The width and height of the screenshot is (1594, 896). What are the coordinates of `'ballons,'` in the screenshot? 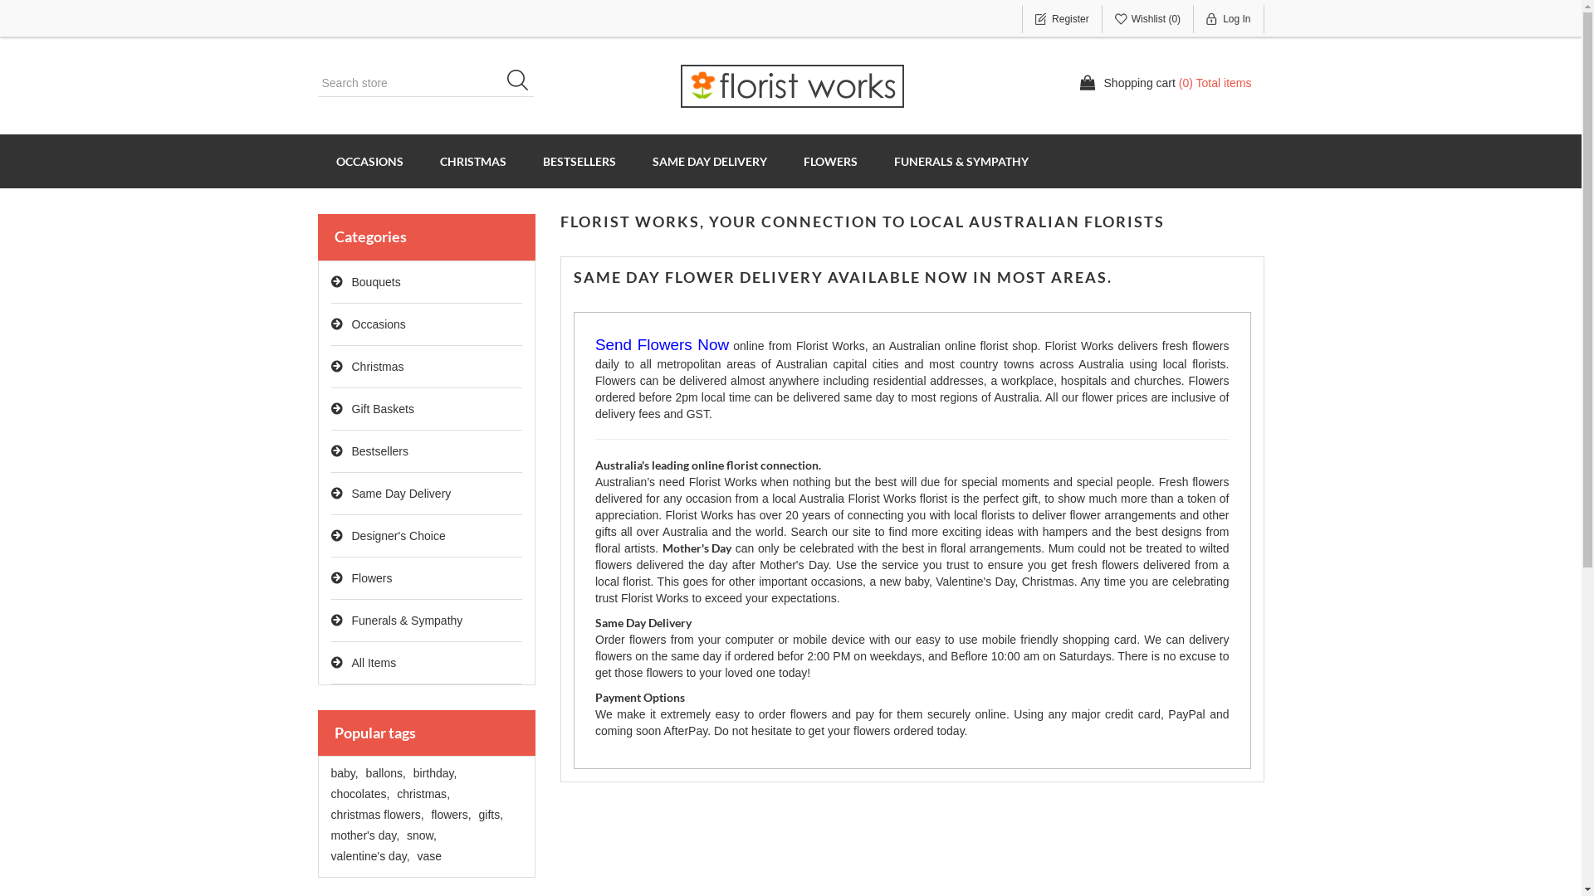 It's located at (365, 773).